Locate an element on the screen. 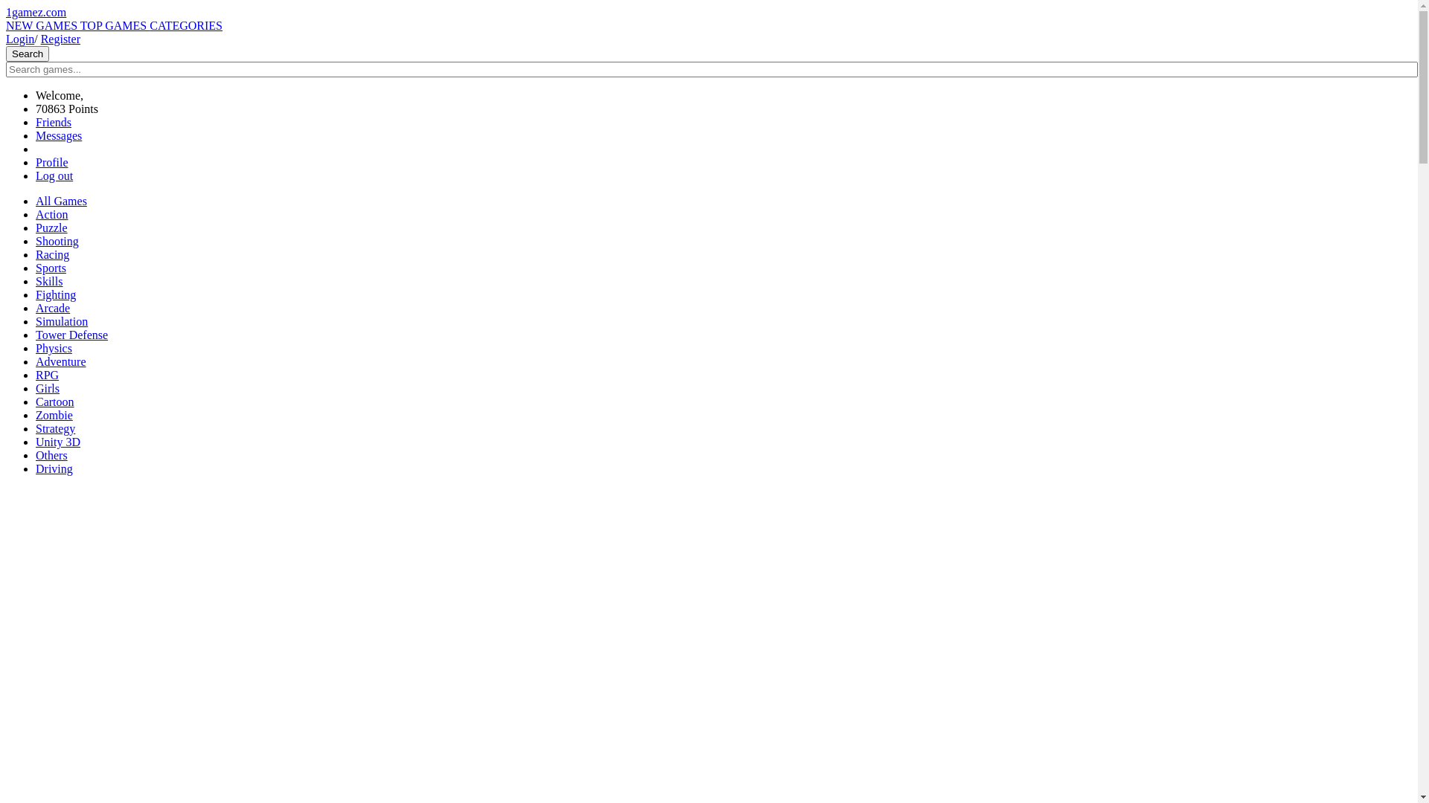 The image size is (1429, 803). 'Login/ Register' is located at coordinates (42, 38).